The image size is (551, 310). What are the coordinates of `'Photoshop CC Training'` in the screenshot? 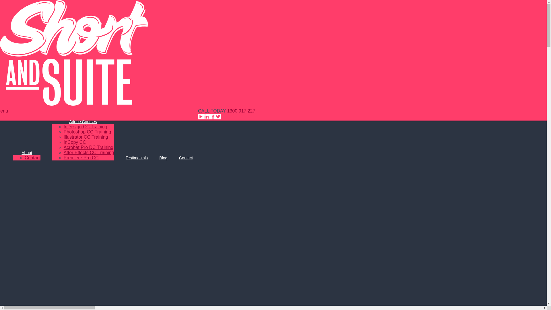 It's located at (87, 132).